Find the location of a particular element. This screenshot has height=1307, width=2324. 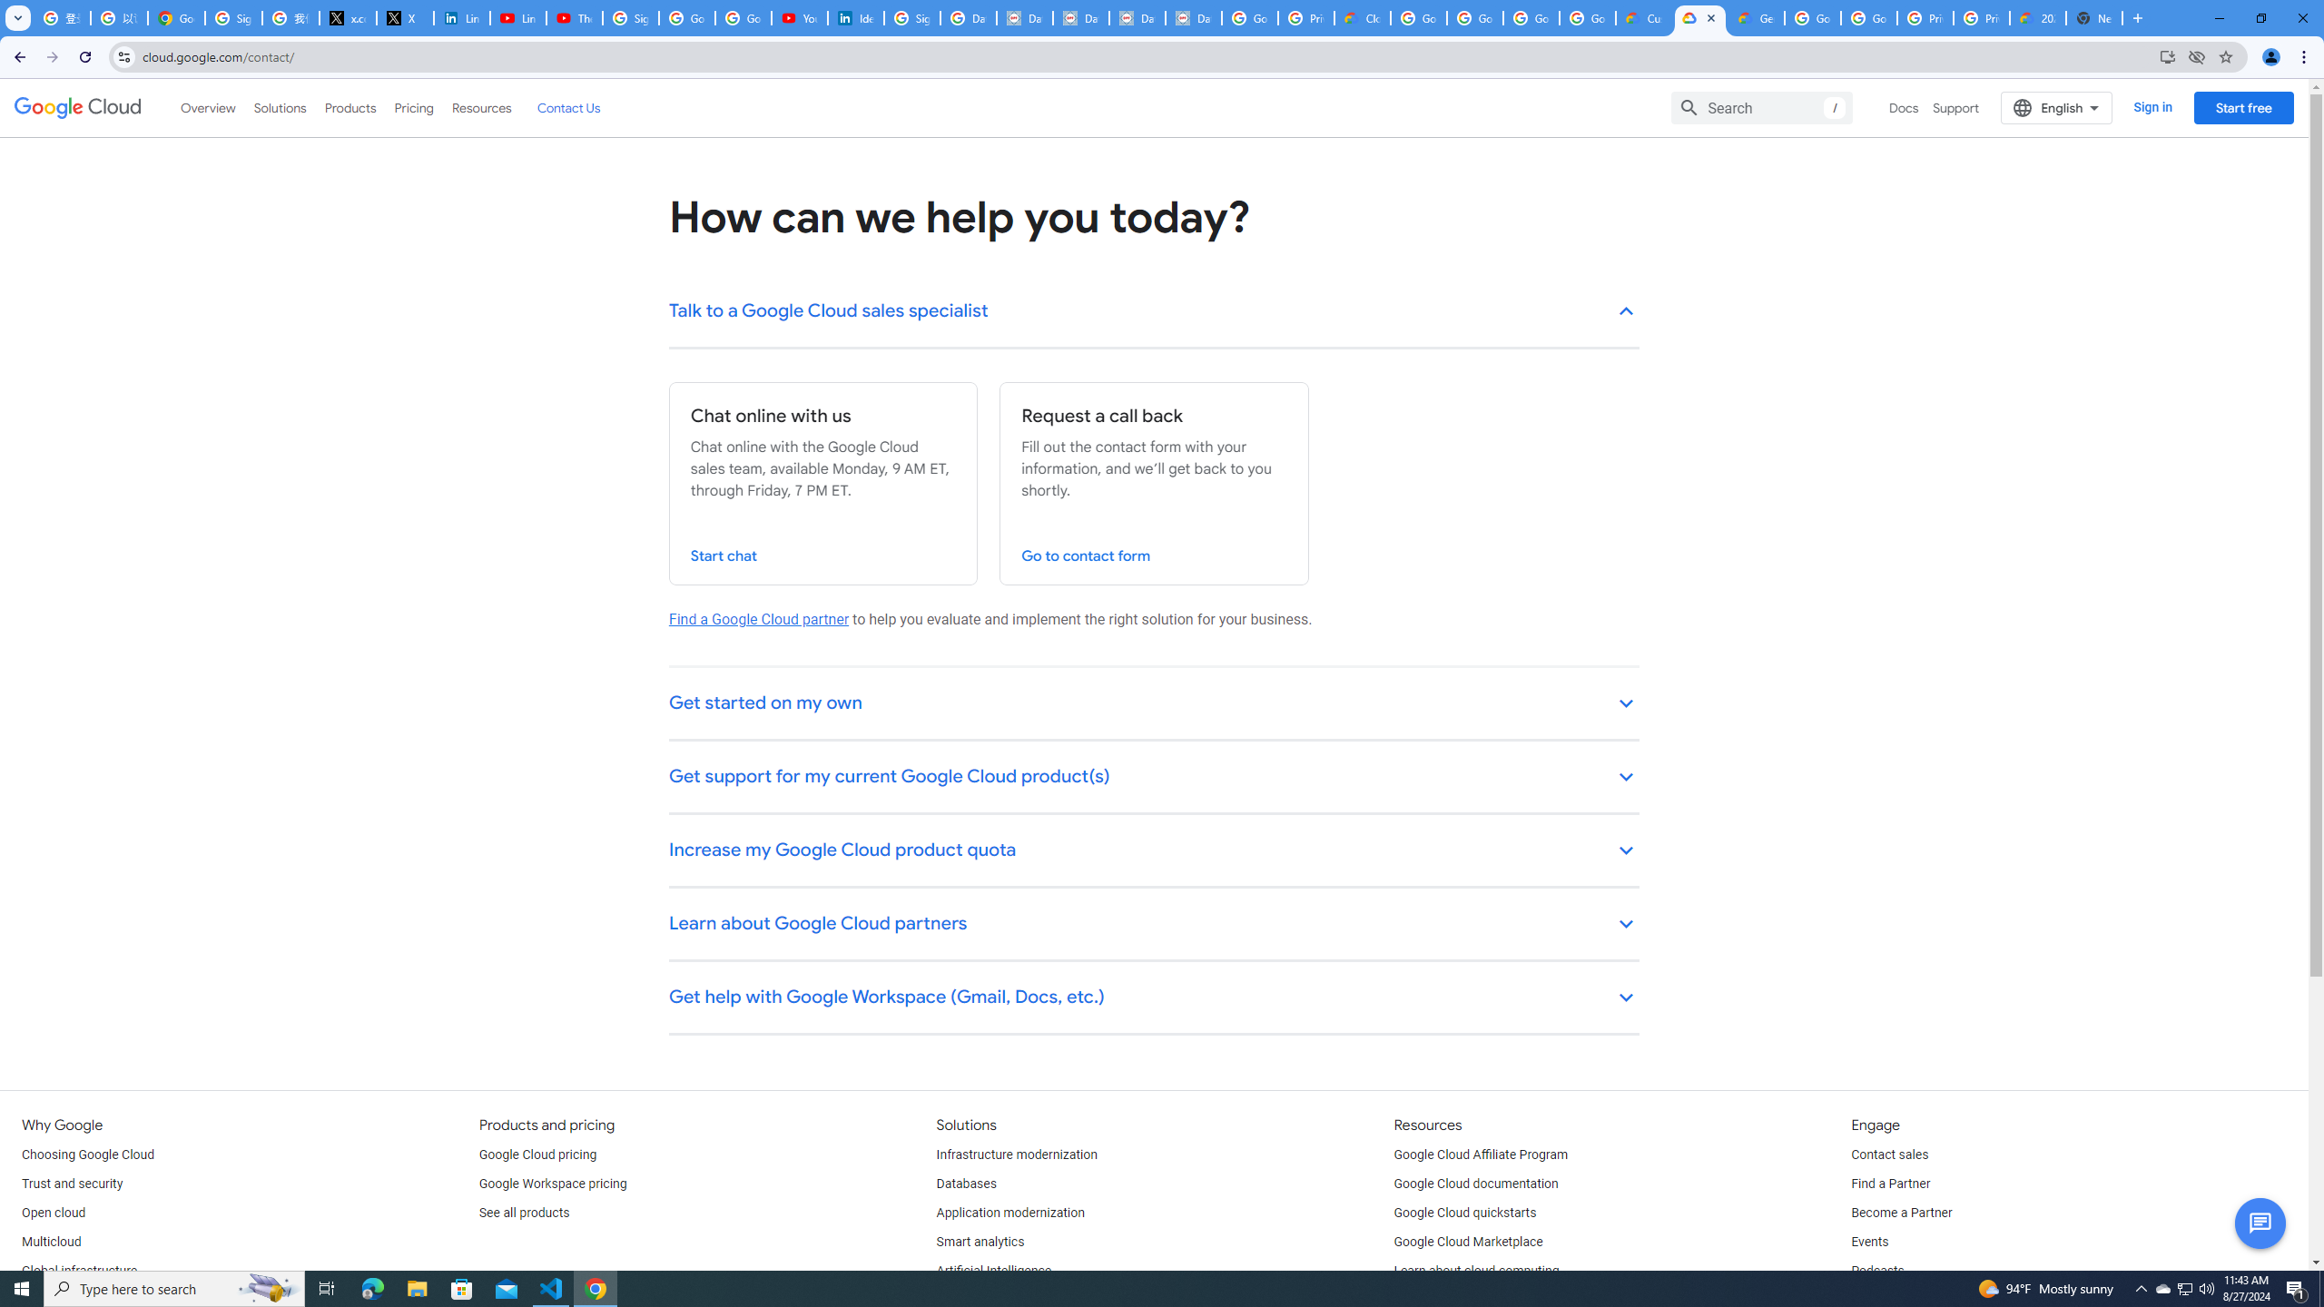

'Start free' is located at coordinates (2242, 107).